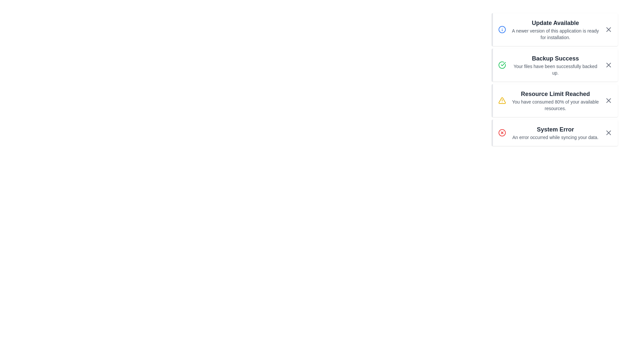  What do you see at coordinates (555, 34) in the screenshot?
I see `the text element that reads 'A newer version of this application is ready for installation.', which is styled in a smaller font size and gray color, located directly below the title 'Update Available' in the notification block` at bounding box center [555, 34].